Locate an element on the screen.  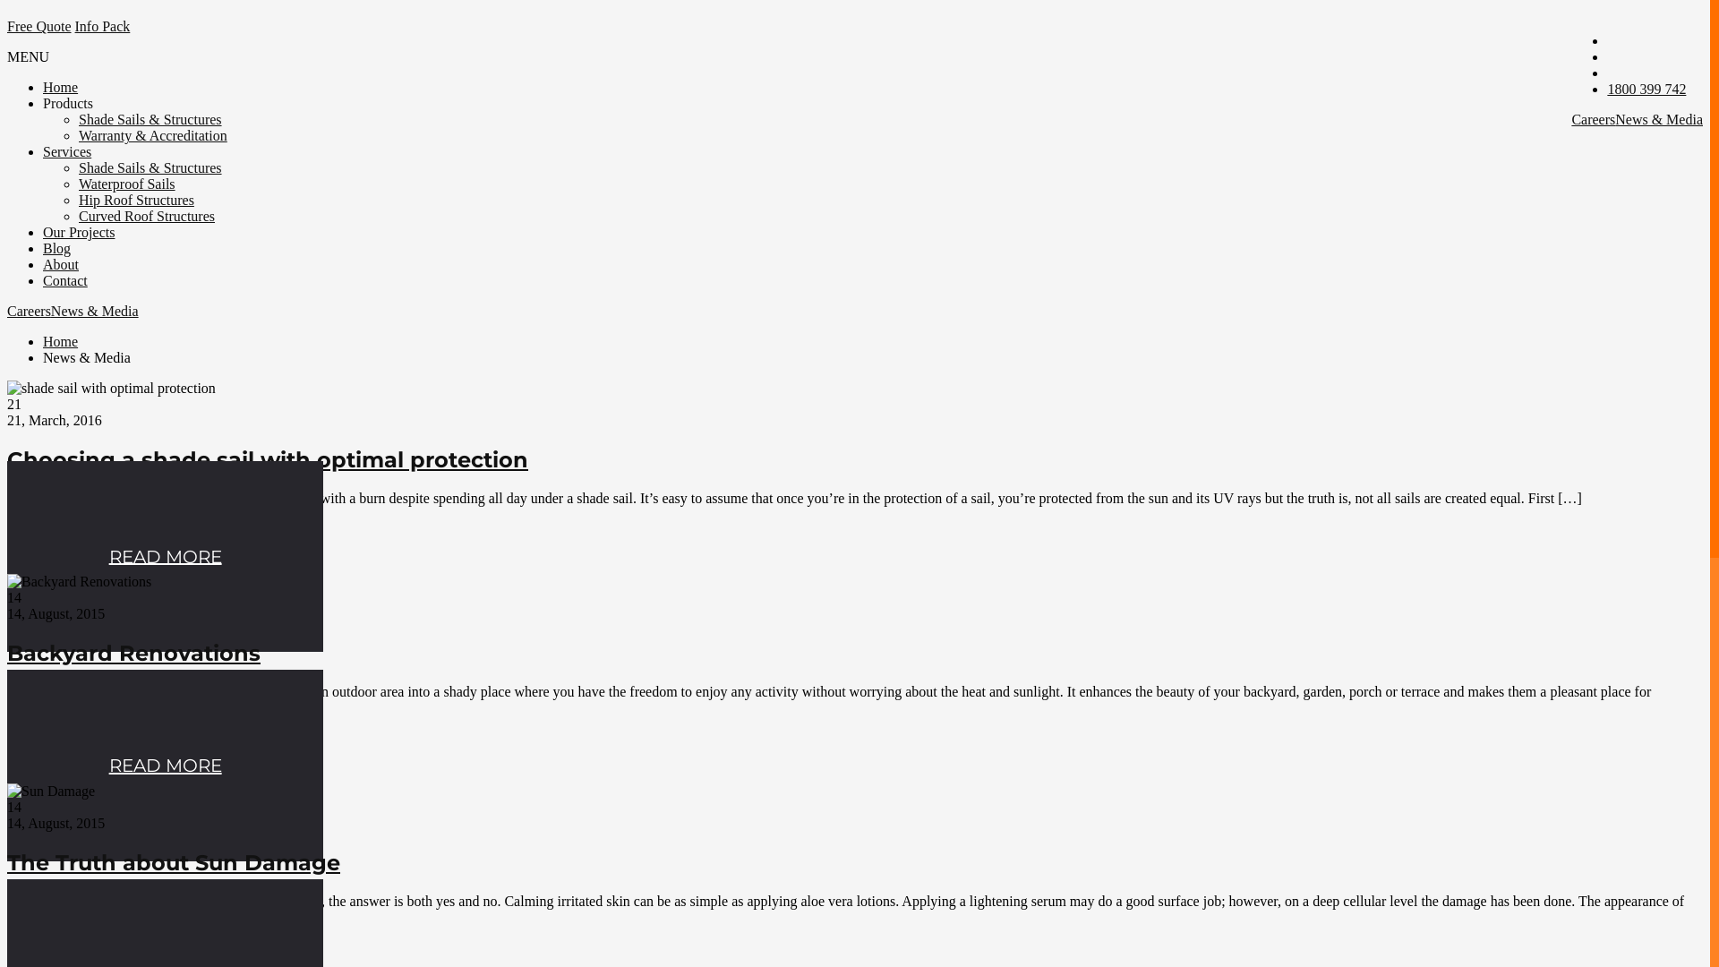
'Careers' is located at coordinates (7, 310).